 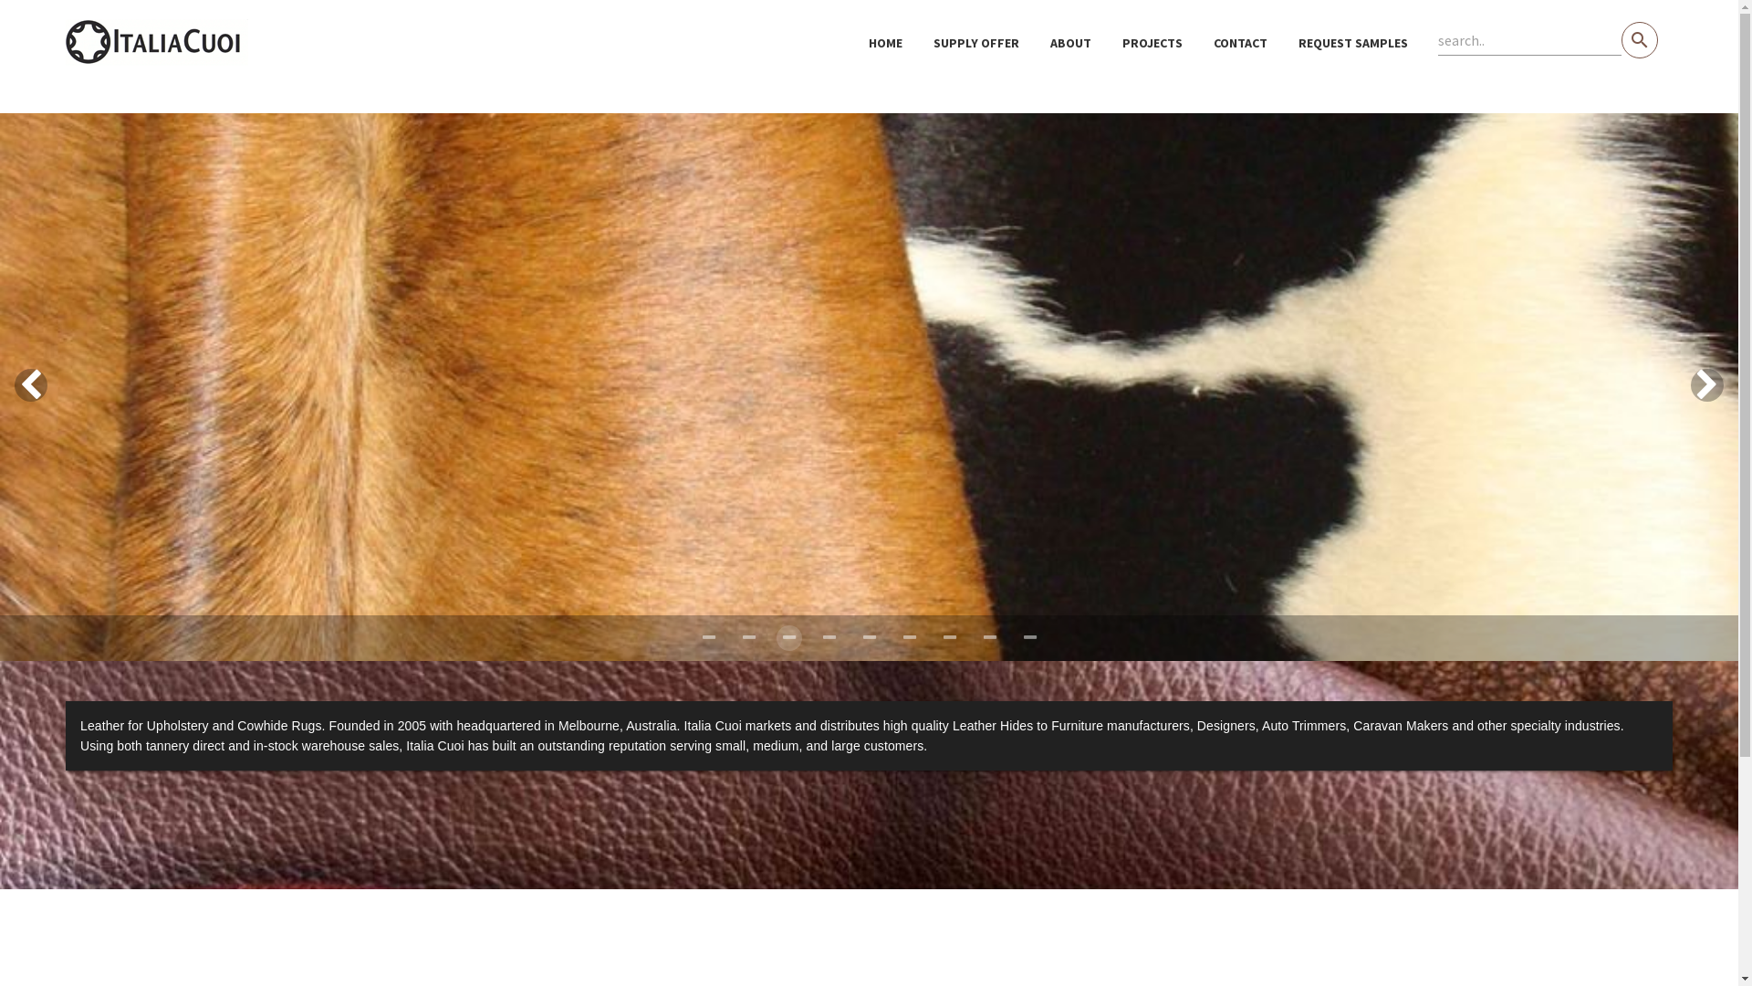 What do you see at coordinates (1151, 41) in the screenshot?
I see `'PROJECTS'` at bounding box center [1151, 41].